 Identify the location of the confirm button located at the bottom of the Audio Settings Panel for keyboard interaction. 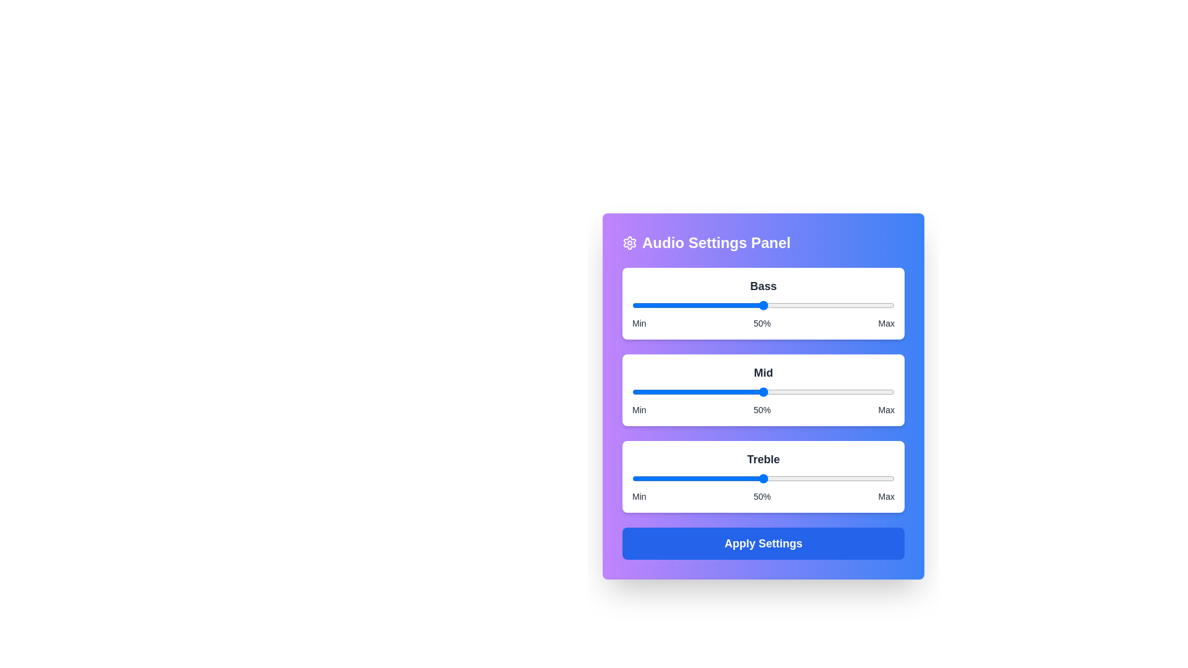
(762, 543).